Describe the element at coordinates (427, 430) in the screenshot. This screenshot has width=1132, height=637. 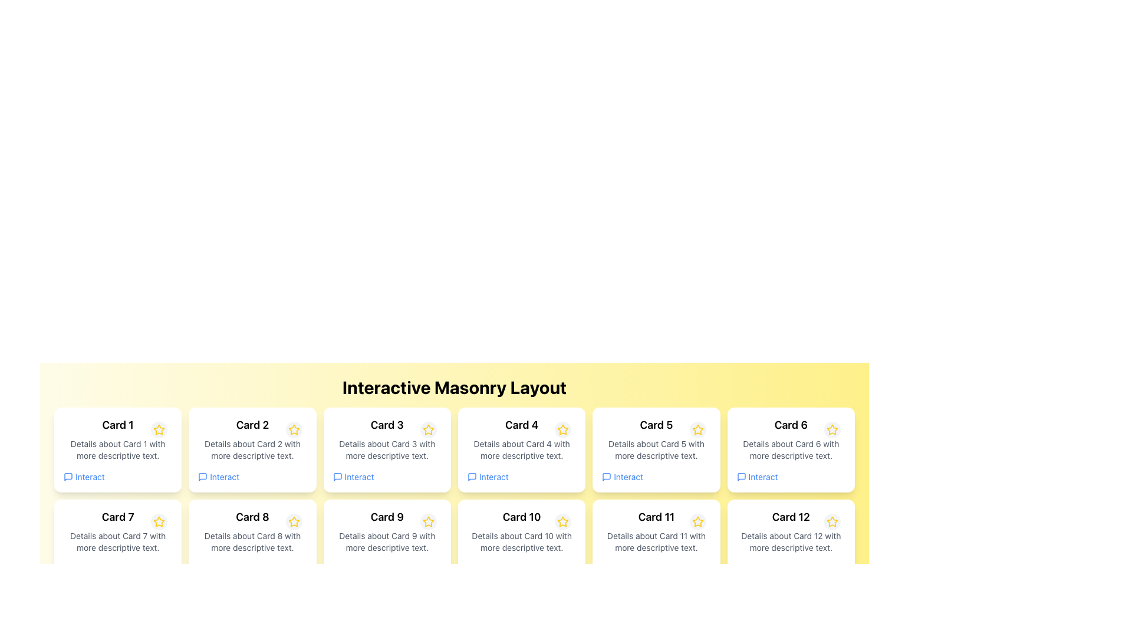
I see `the yellow star icon with a rounded gray background located at the top-right corner of the third card in the grid layout to observe the hover effect` at that location.